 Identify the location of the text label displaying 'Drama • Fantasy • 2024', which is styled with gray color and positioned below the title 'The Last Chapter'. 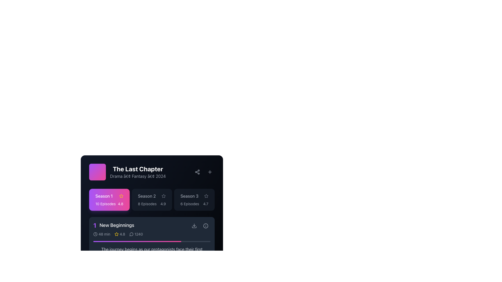
(138, 176).